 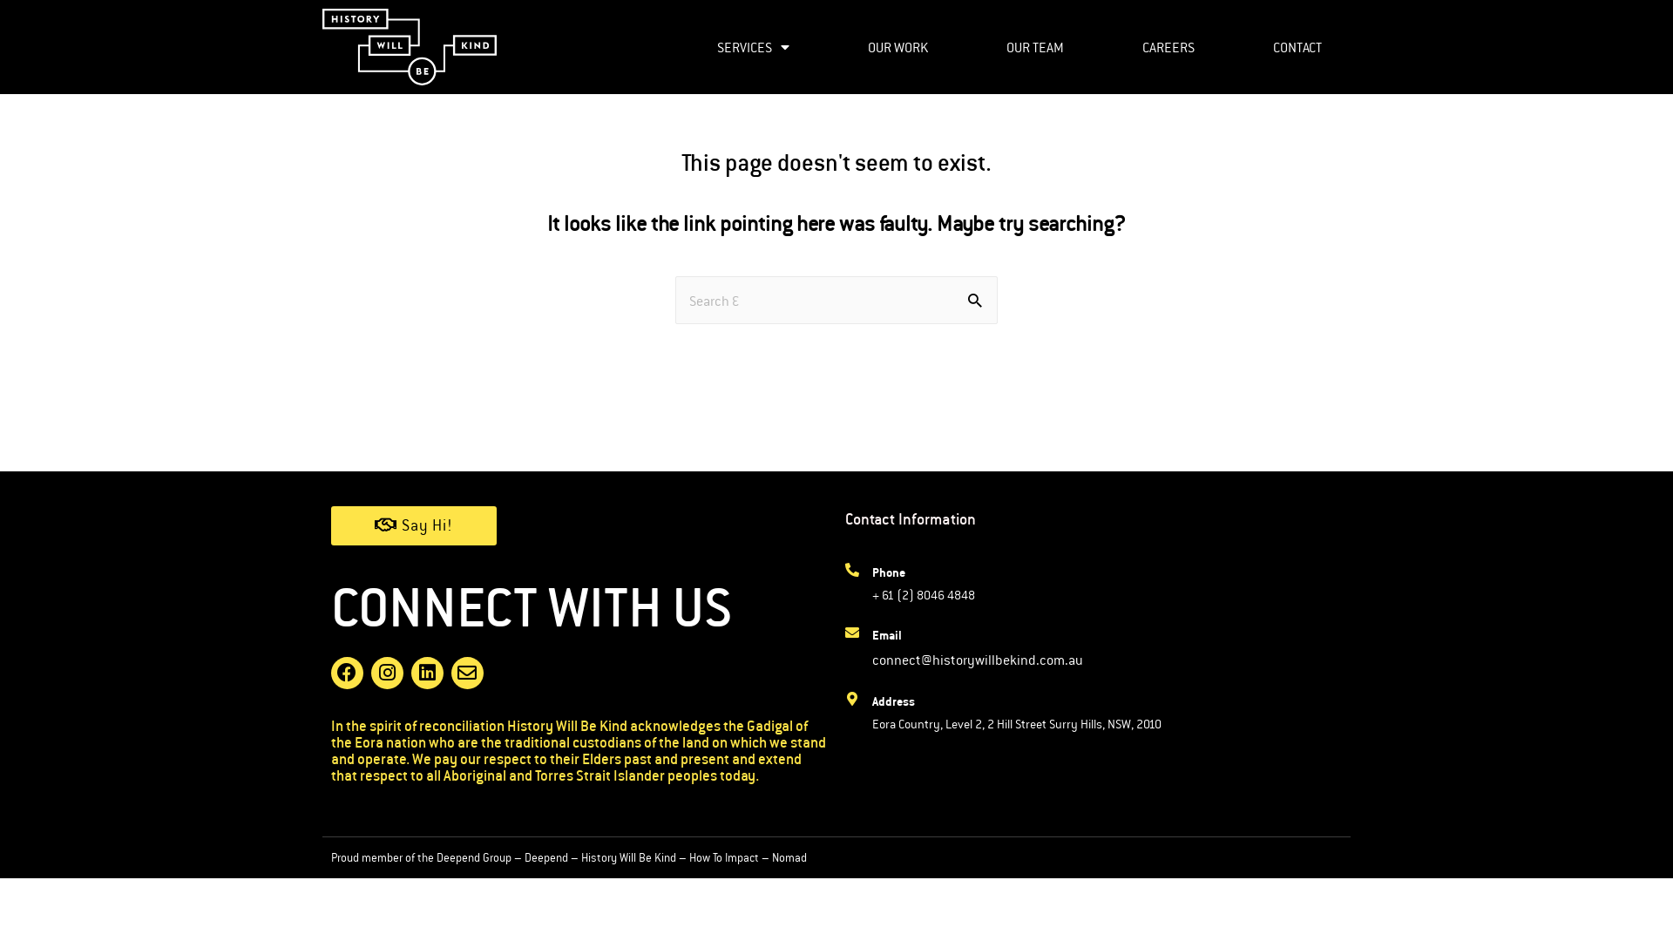 What do you see at coordinates (545, 856) in the screenshot?
I see `'Deepend'` at bounding box center [545, 856].